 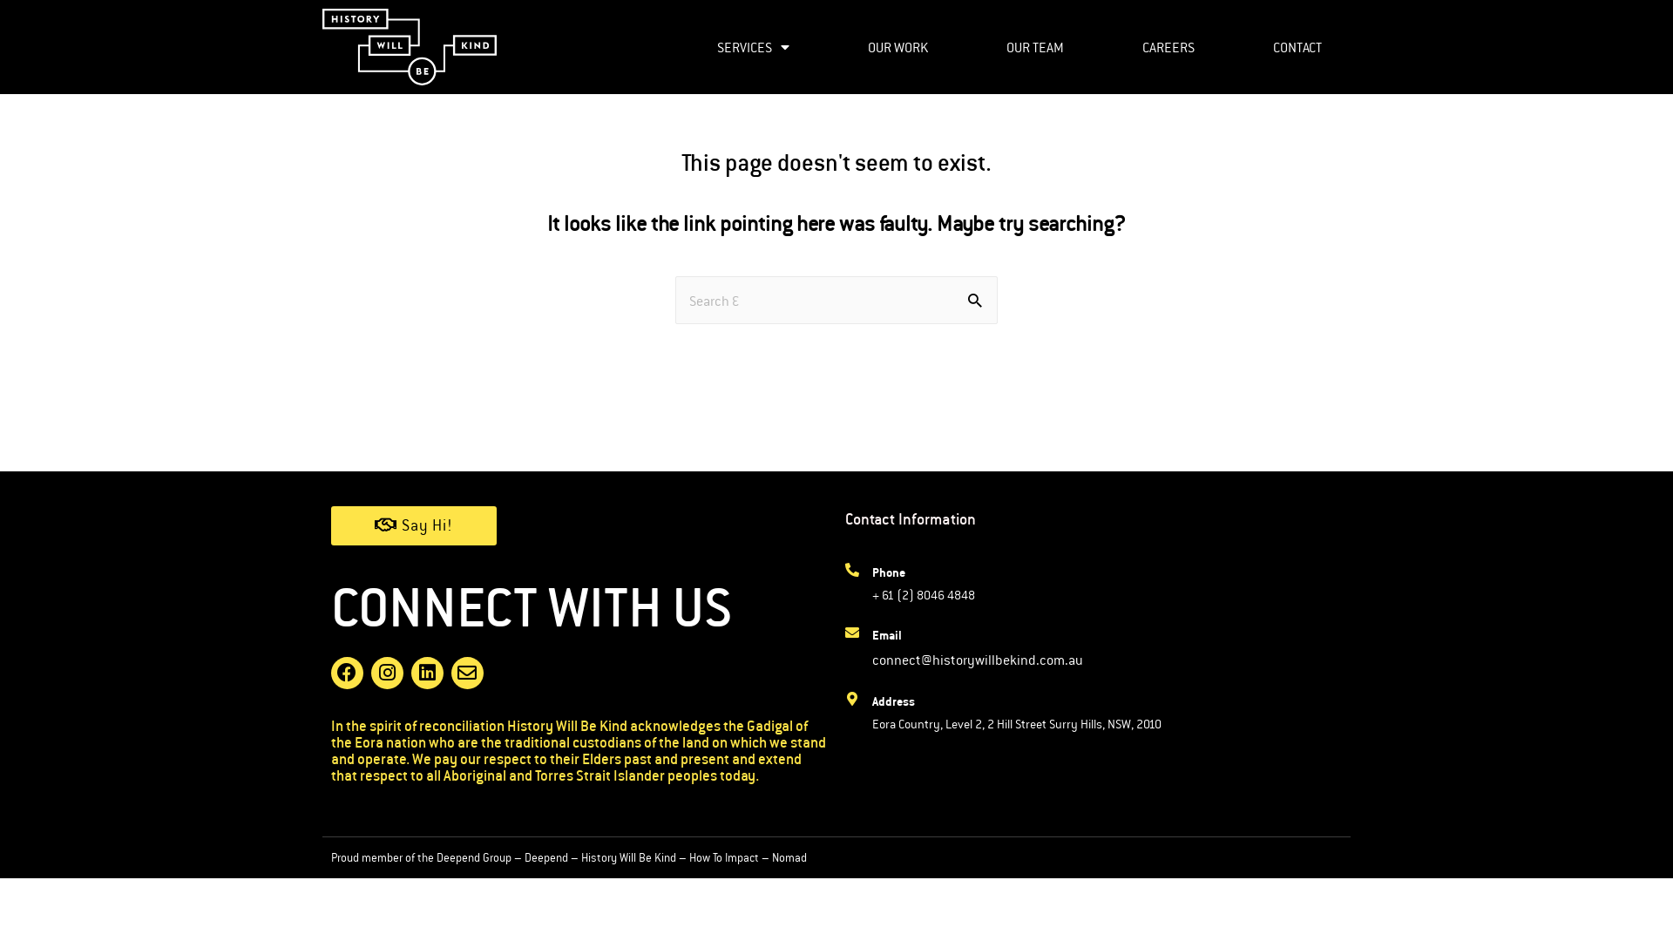 What do you see at coordinates (545, 856) in the screenshot?
I see `'Deepend'` at bounding box center [545, 856].